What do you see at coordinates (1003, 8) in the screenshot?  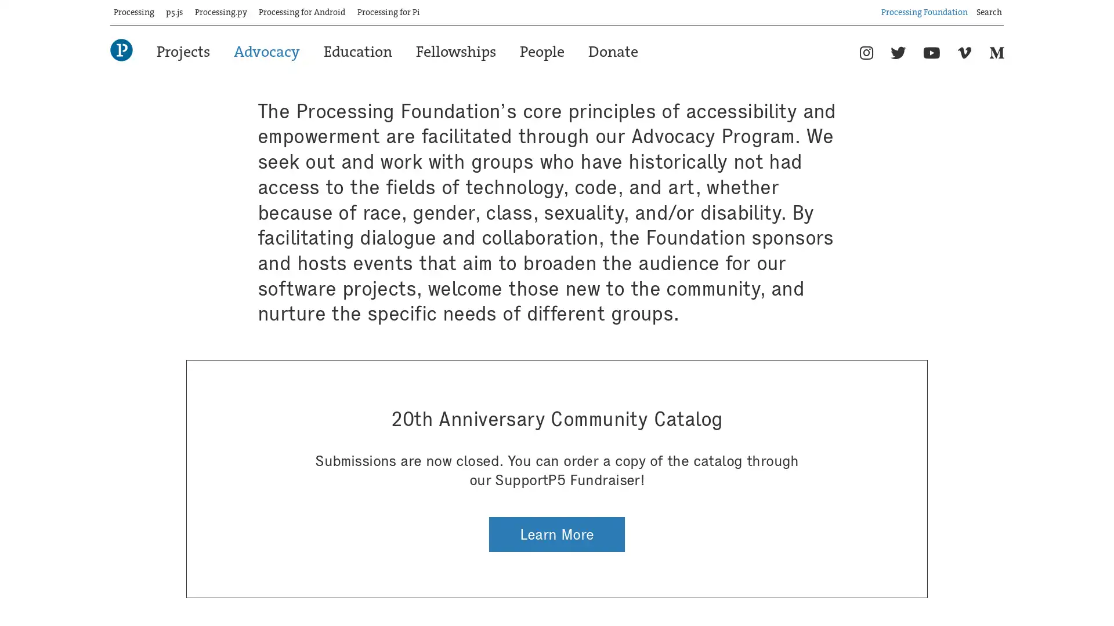 I see `Search` at bounding box center [1003, 8].